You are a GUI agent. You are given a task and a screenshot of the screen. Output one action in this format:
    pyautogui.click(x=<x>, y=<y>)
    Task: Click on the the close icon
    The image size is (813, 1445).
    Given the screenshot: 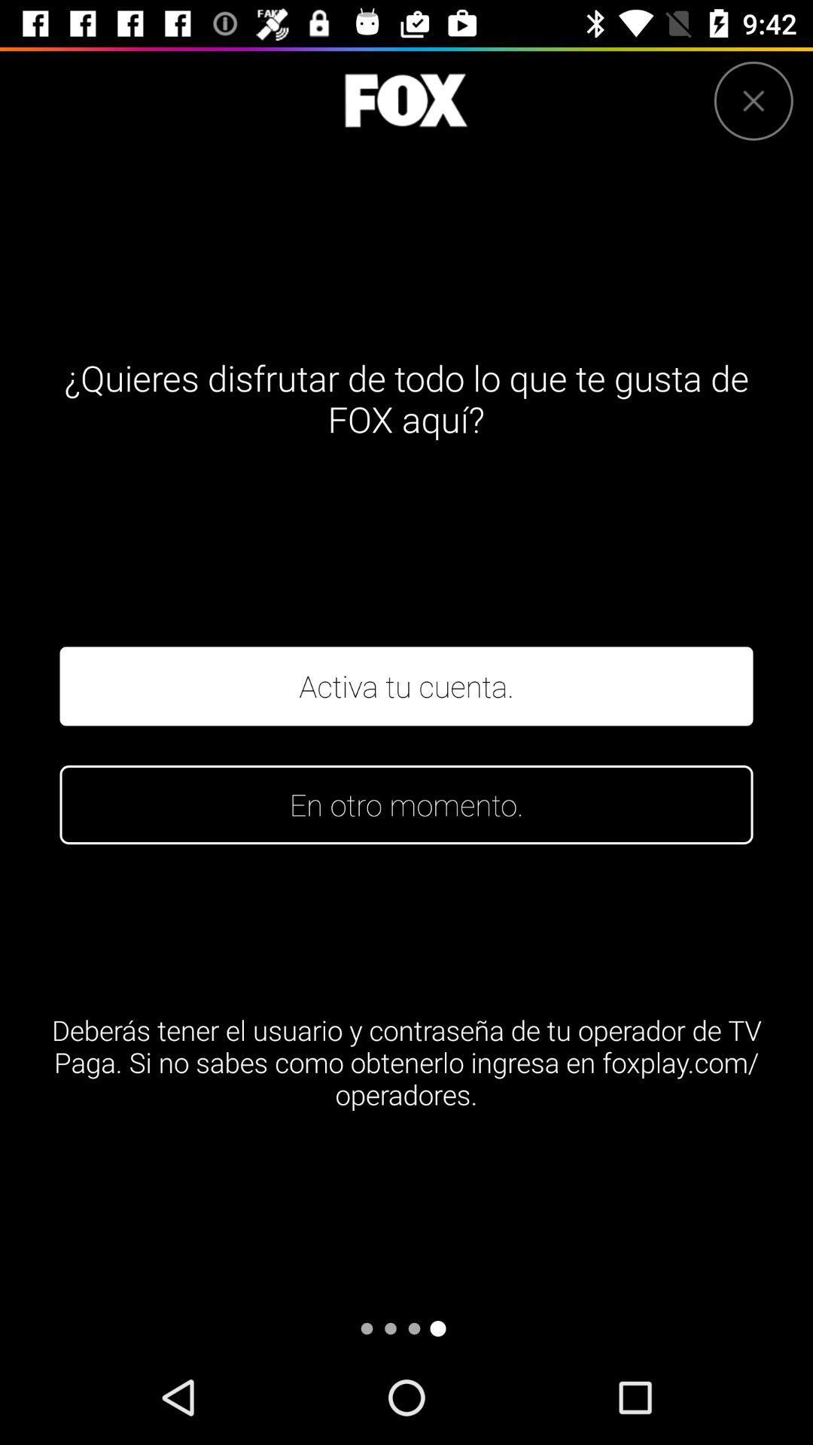 What is the action you would take?
    pyautogui.click(x=754, y=100)
    